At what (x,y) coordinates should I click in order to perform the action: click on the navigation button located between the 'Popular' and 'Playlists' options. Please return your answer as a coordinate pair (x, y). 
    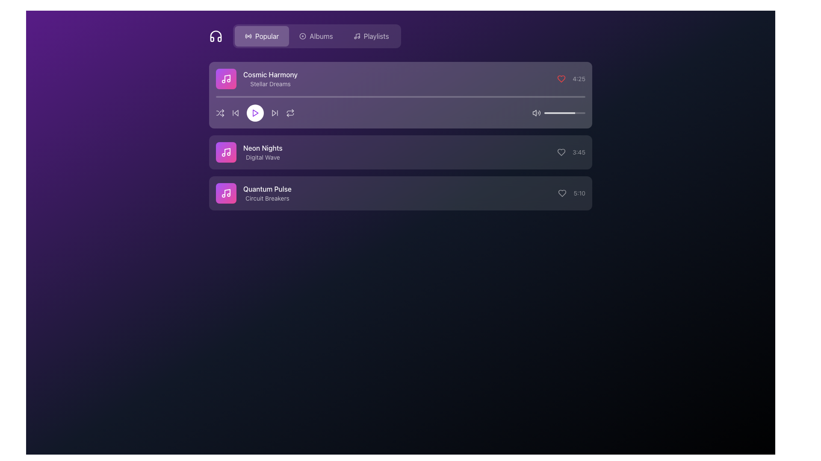
    Looking at the image, I should click on (316, 35).